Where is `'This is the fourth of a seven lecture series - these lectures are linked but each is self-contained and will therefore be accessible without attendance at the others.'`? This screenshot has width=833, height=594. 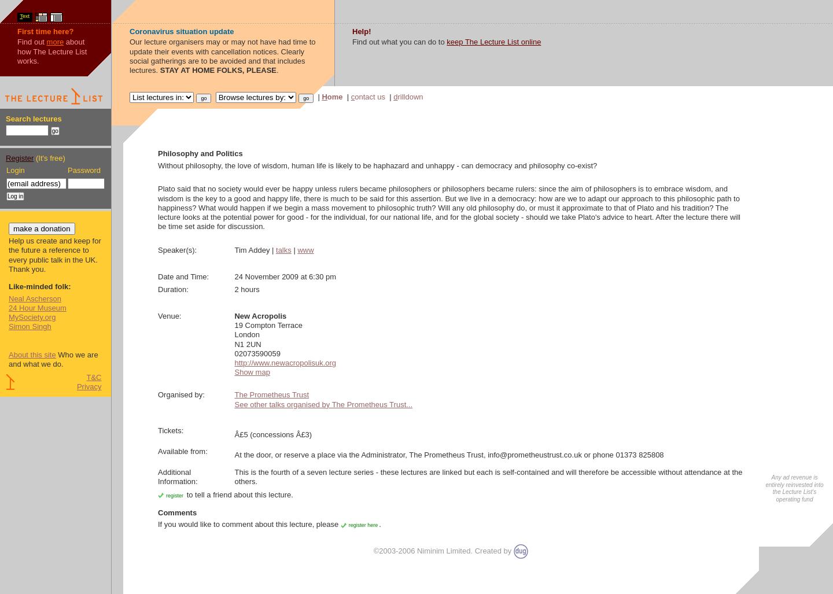
'This is the fourth of a seven lecture series - these lectures are linked but each is self-contained and will therefore be accessible without attendance at the others.' is located at coordinates (487, 476).